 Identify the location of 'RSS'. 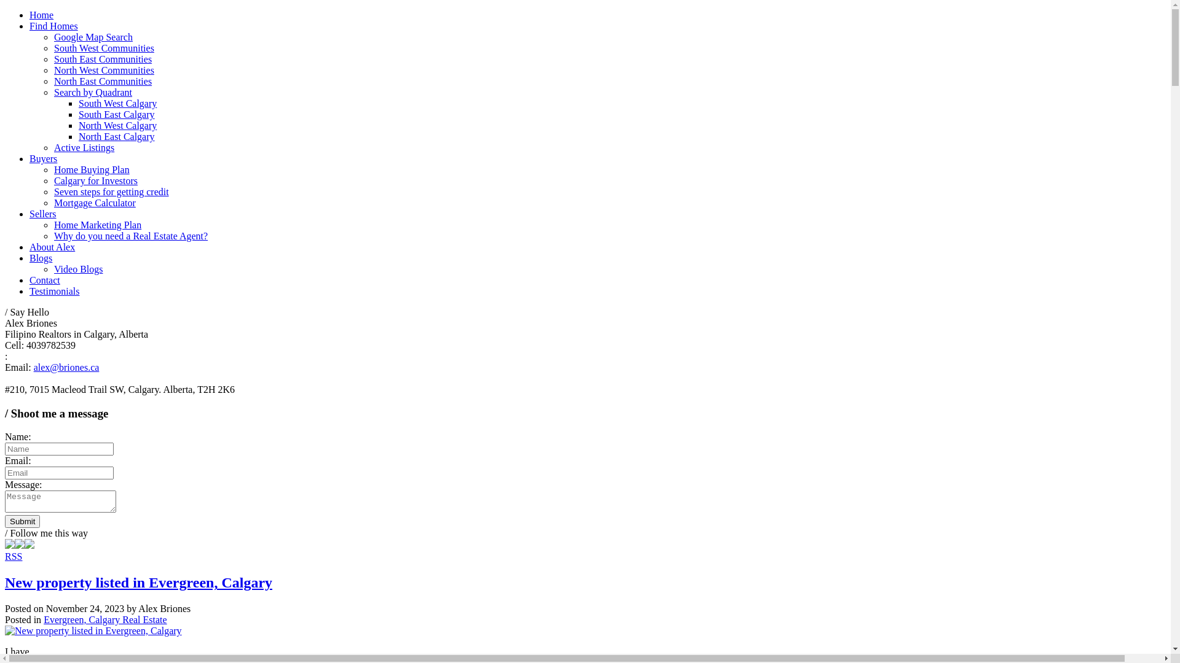
(14, 556).